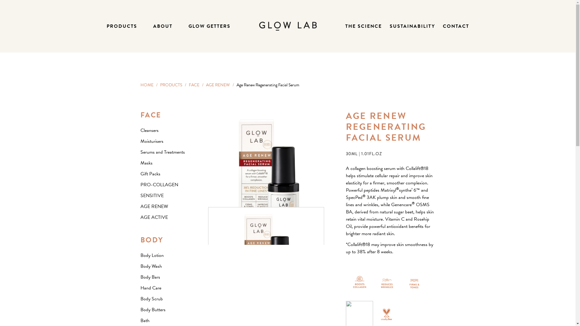 The image size is (580, 326). What do you see at coordinates (412, 26) in the screenshot?
I see `'SUSTAINABILITY'` at bounding box center [412, 26].